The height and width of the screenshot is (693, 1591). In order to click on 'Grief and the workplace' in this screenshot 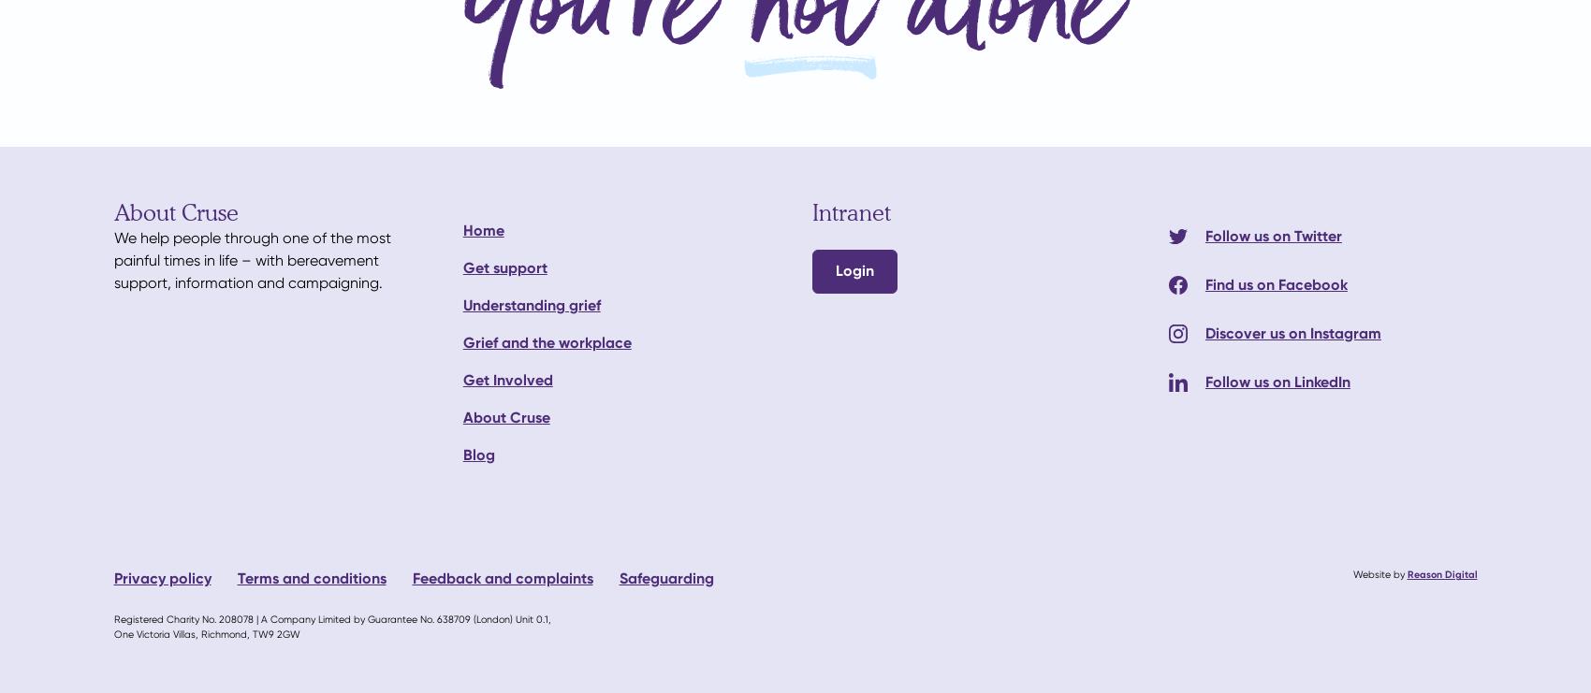, I will do `click(462, 341)`.